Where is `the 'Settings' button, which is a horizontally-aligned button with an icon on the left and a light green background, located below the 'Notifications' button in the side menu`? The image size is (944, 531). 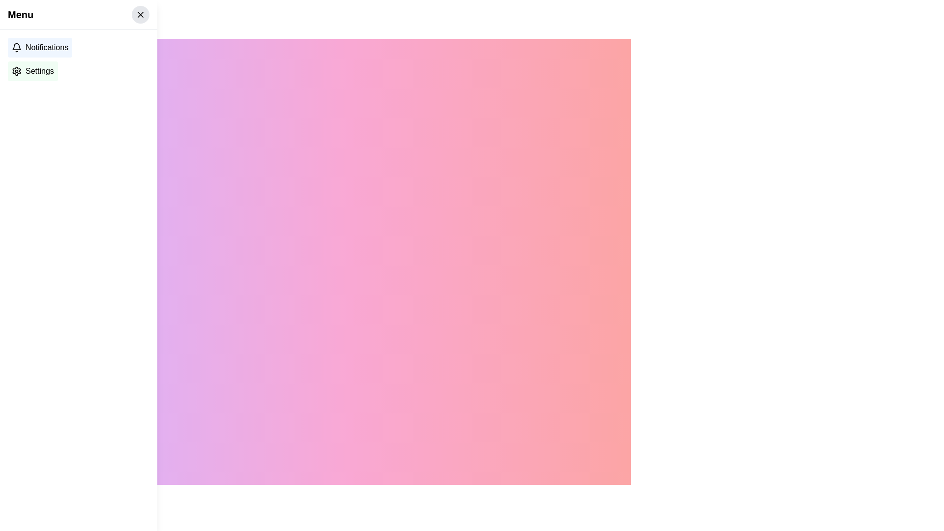
the 'Settings' button, which is a horizontally-aligned button with an icon on the left and a light green background, located below the 'Notifications' button in the side menu is located at coordinates (32, 71).